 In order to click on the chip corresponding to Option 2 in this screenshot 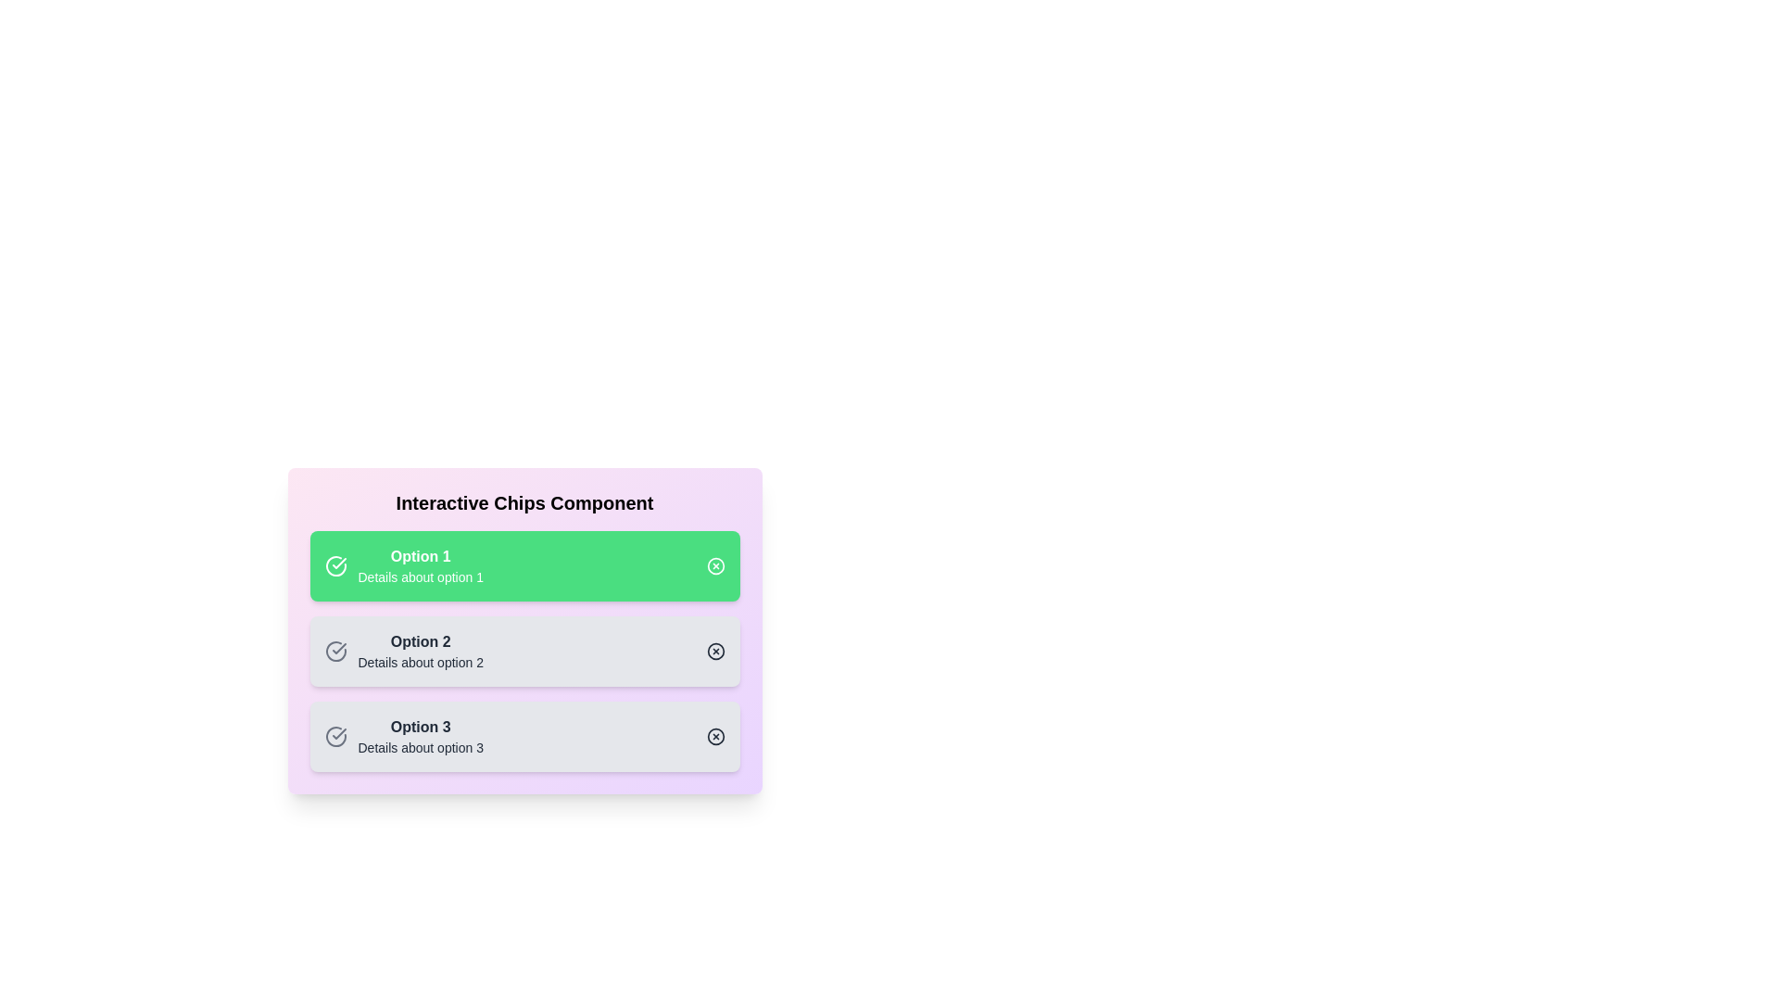, I will do `click(524, 650)`.